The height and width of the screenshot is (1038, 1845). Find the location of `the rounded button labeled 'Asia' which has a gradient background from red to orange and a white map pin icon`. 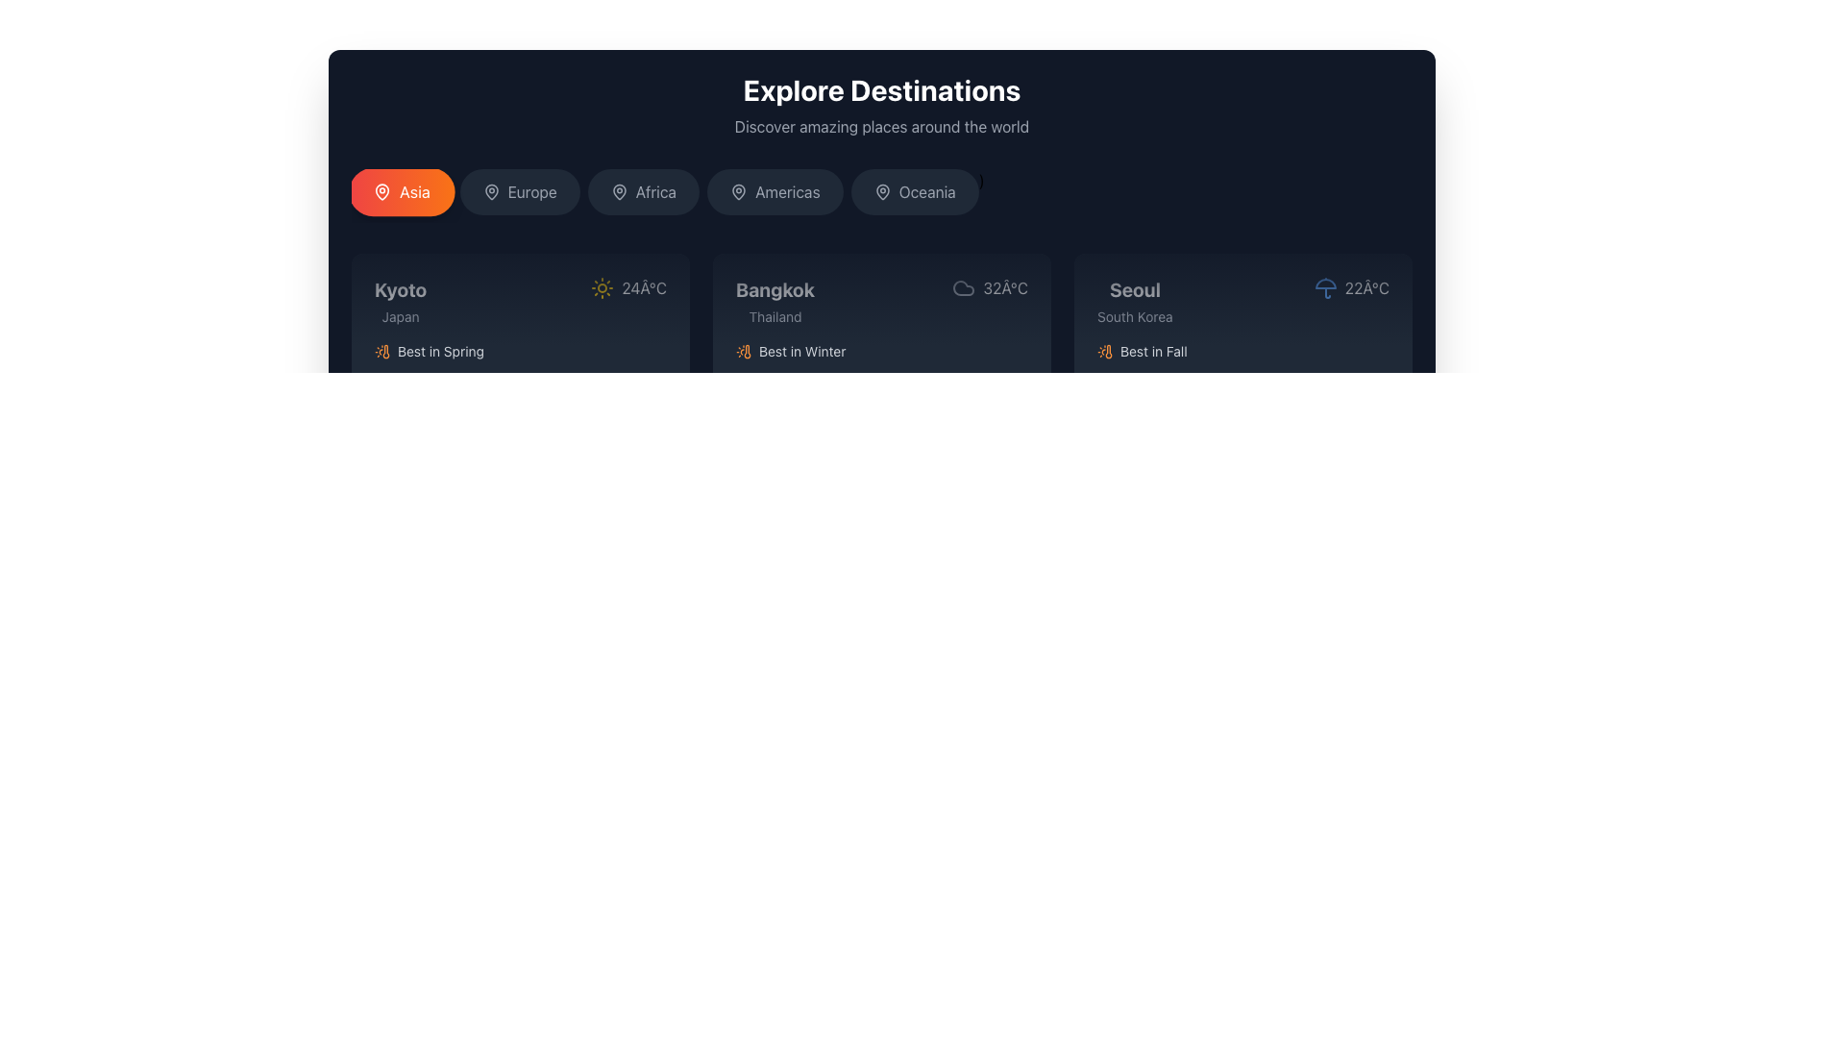

the rounded button labeled 'Asia' which has a gradient background from red to orange and a white map pin icon is located at coordinates (400, 192).